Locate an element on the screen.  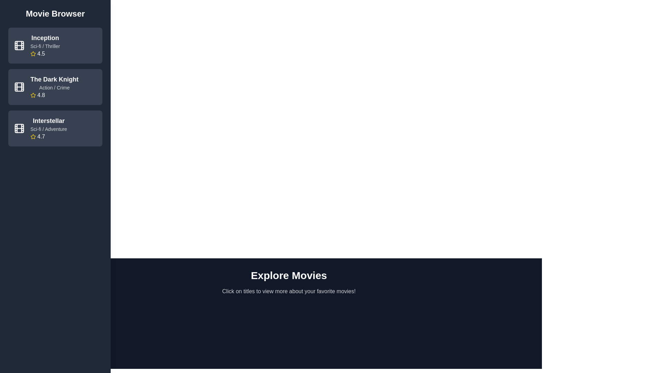
the movie item titled The Dark Knight is located at coordinates (55, 86).